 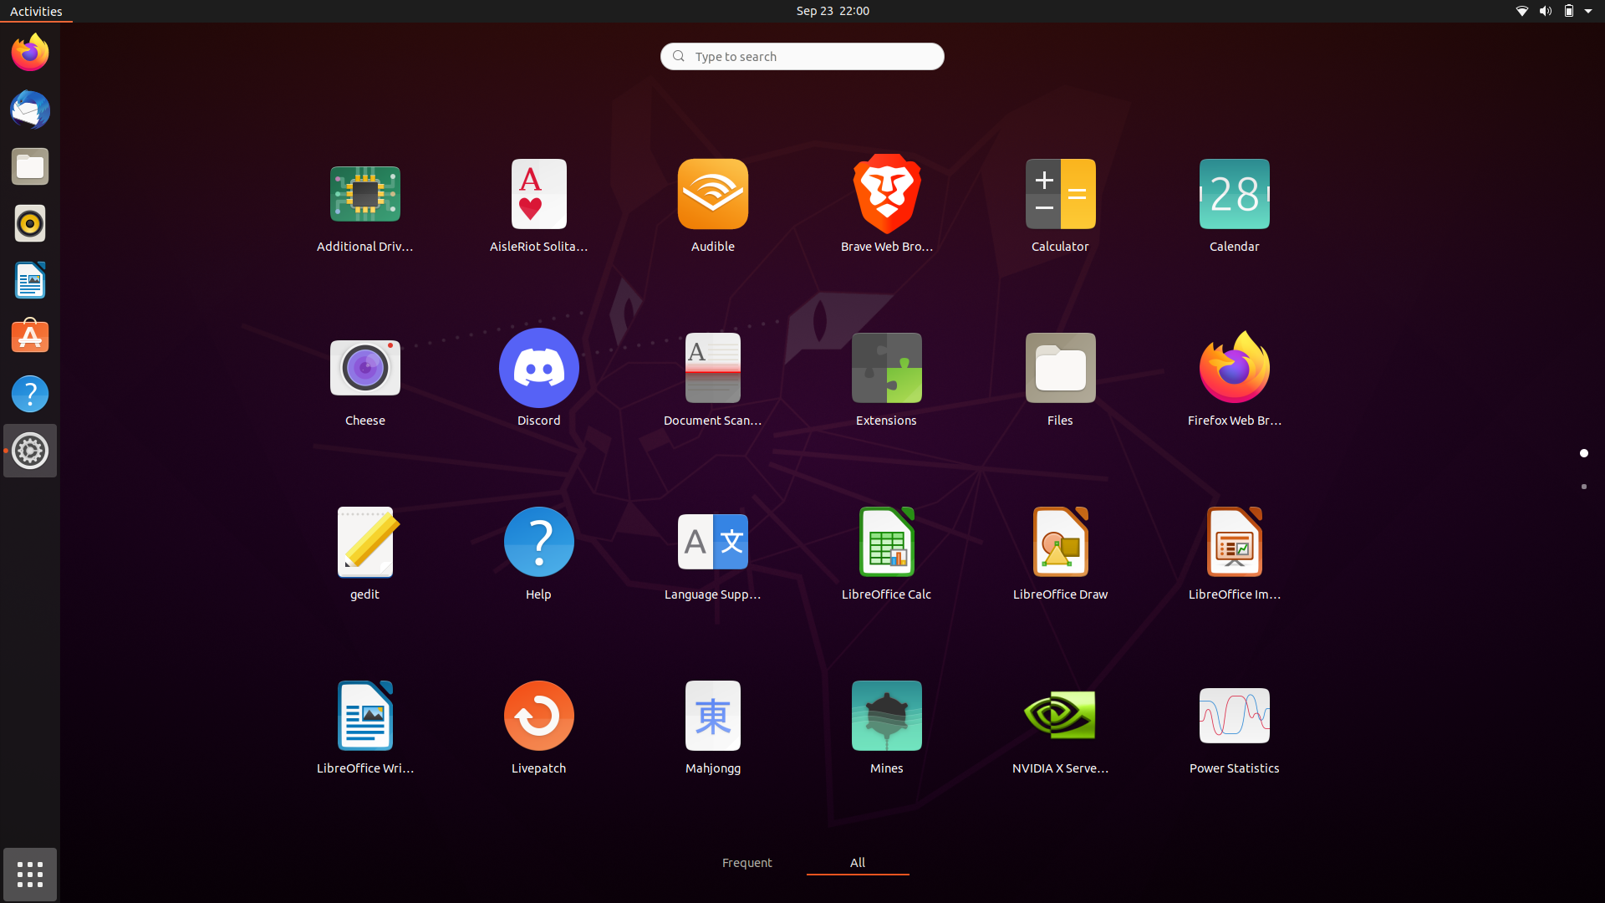 I want to click on Look for "Google, so click(x=801, y=54).